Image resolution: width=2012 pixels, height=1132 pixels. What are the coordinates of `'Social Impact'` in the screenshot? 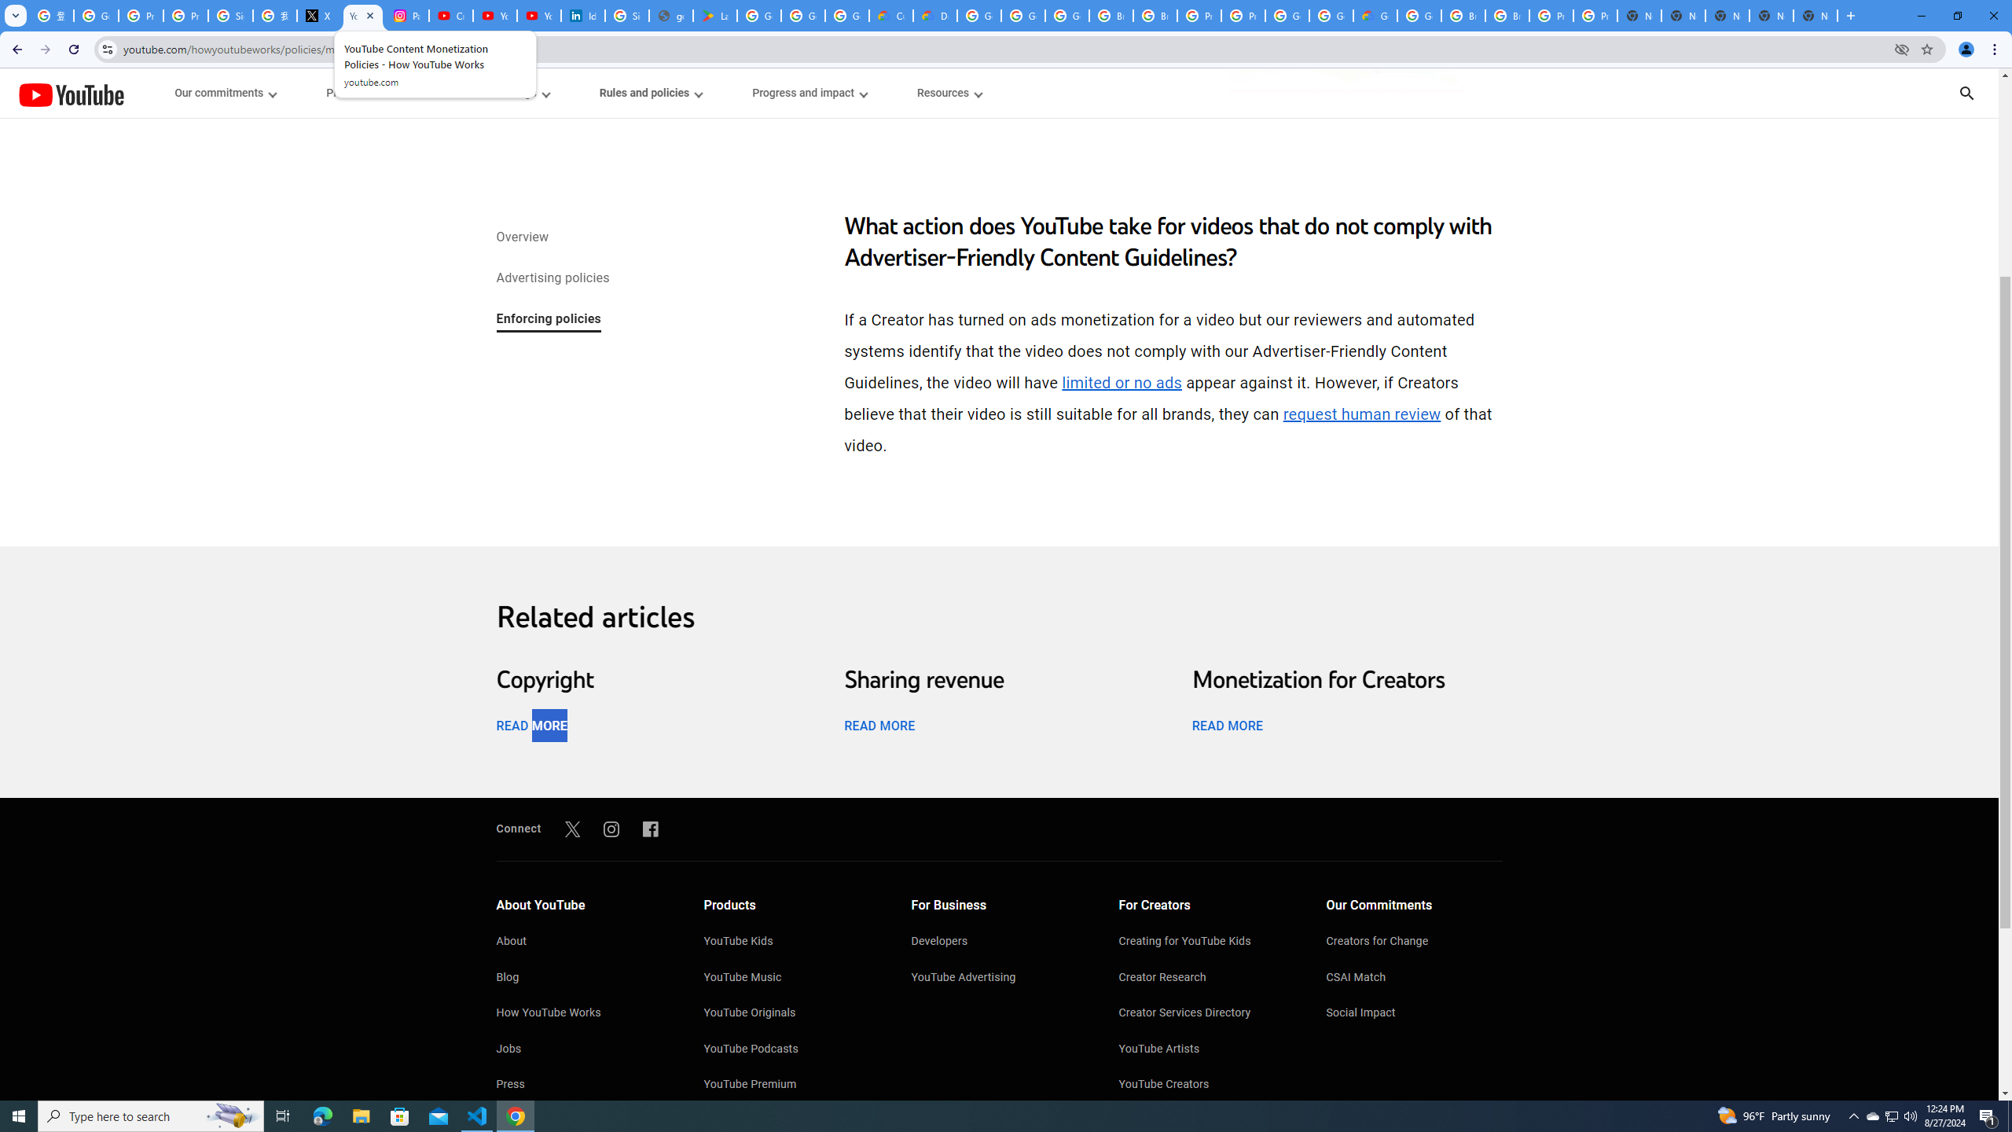 It's located at (1413, 1014).